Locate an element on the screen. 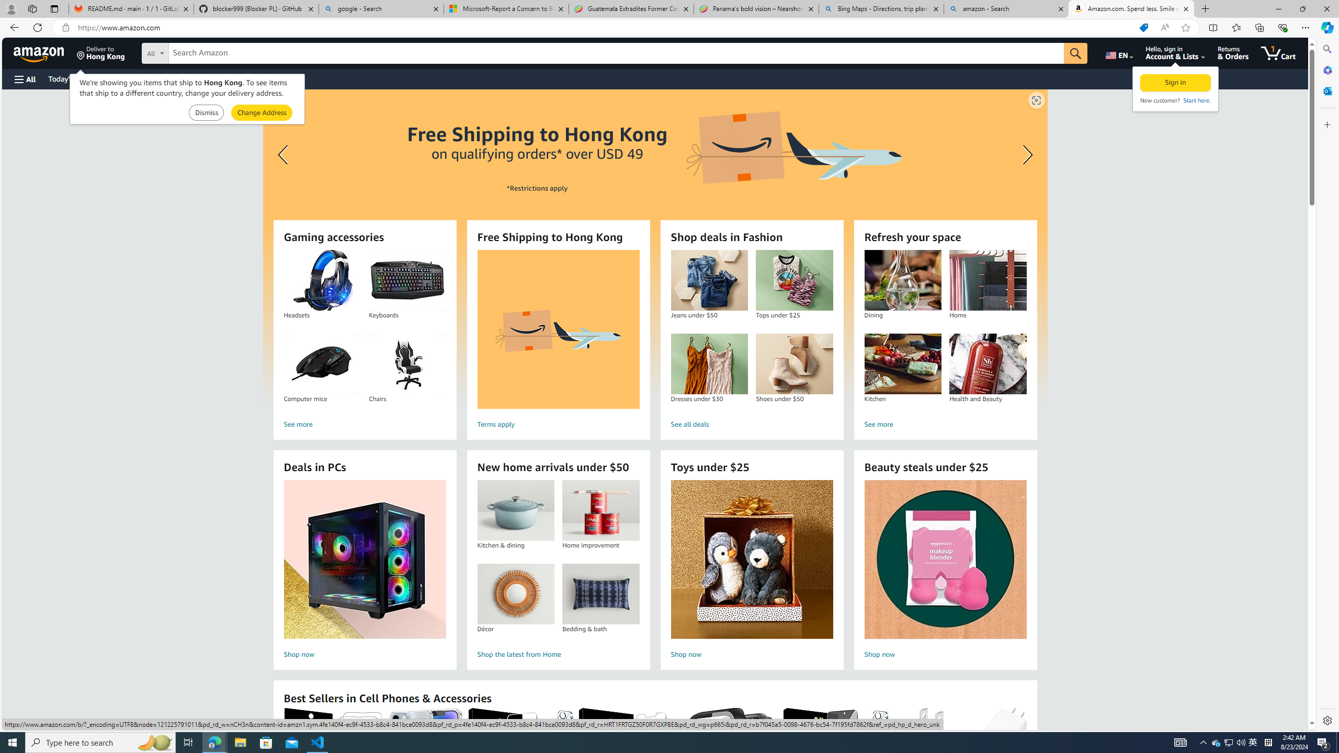 The height and width of the screenshot is (753, 1339). 'Health and Beauty' is located at coordinates (988, 364).